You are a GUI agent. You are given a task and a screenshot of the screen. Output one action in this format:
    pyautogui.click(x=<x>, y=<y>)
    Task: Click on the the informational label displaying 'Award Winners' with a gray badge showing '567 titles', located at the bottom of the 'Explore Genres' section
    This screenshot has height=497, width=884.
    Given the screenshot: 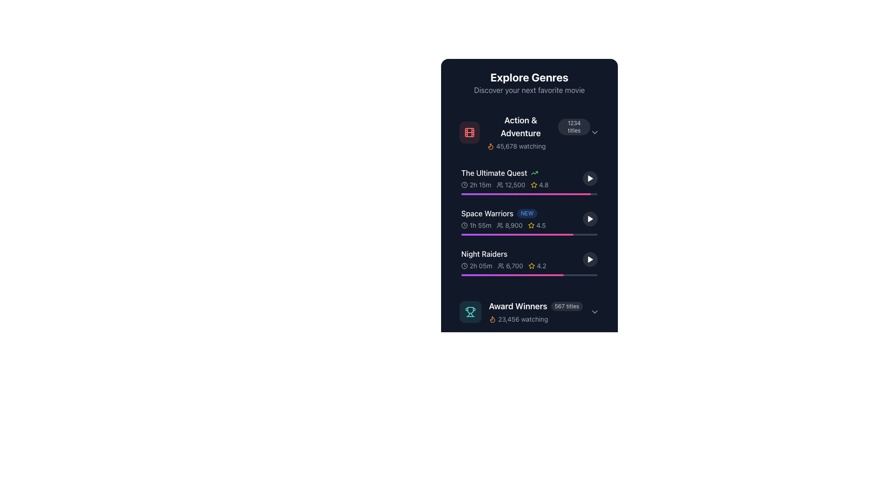 What is the action you would take?
    pyautogui.click(x=535, y=306)
    